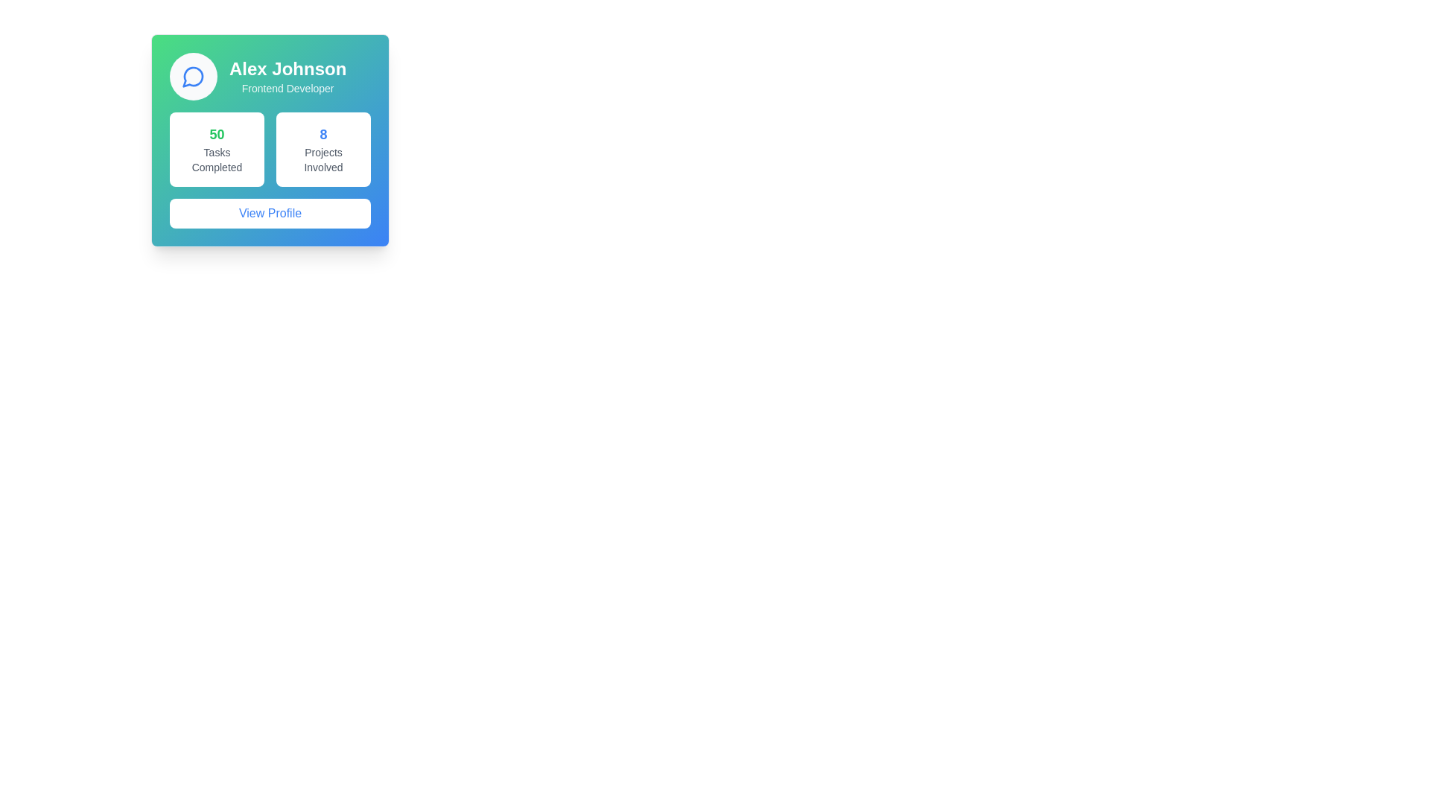 The height and width of the screenshot is (804, 1430). I want to click on the Text Display that shows the user's name 'Alex Johnson' and their role 'Frontend Developer', located in the top-left corner of the user profile card, so click(287, 77).